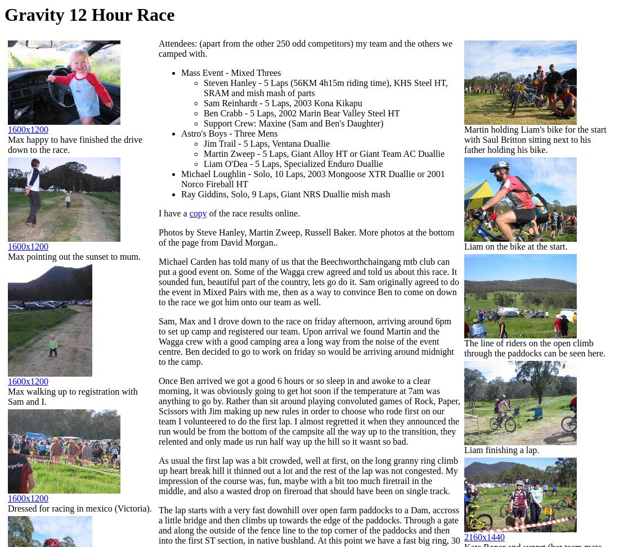 This screenshot has height=547, width=619. What do you see at coordinates (325, 88) in the screenshot?
I see `'Steven Hanley - 5 Laps (56KM 4h15m riding time), KHS
                          Steel HT, SRAM and mish mash of parts'` at bounding box center [325, 88].